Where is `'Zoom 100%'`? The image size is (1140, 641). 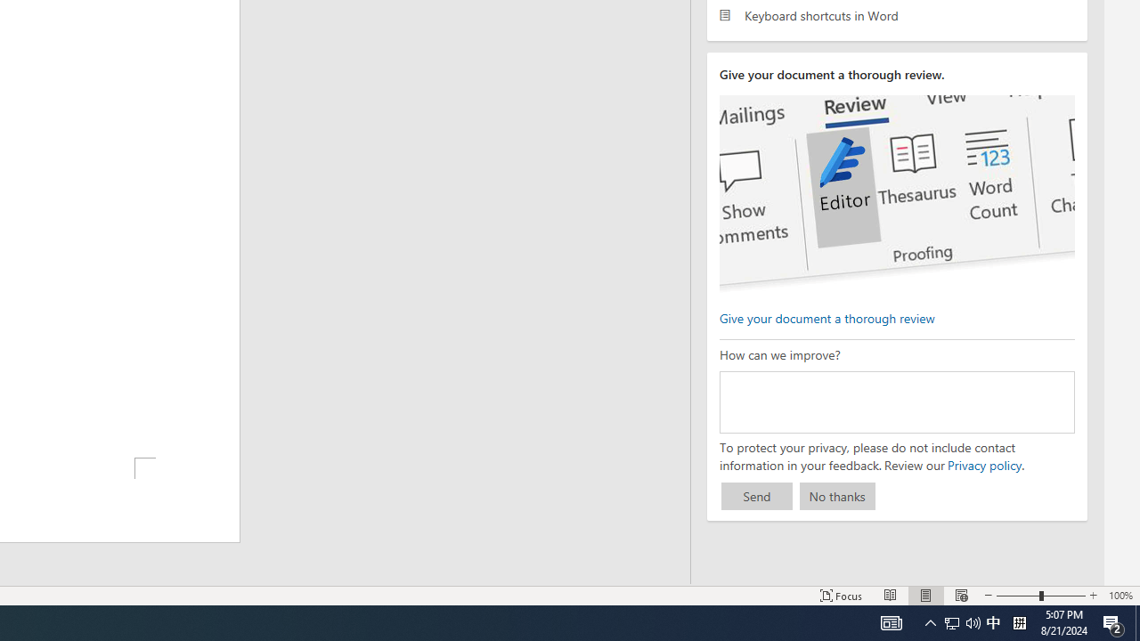 'Zoom 100%' is located at coordinates (1120, 596).